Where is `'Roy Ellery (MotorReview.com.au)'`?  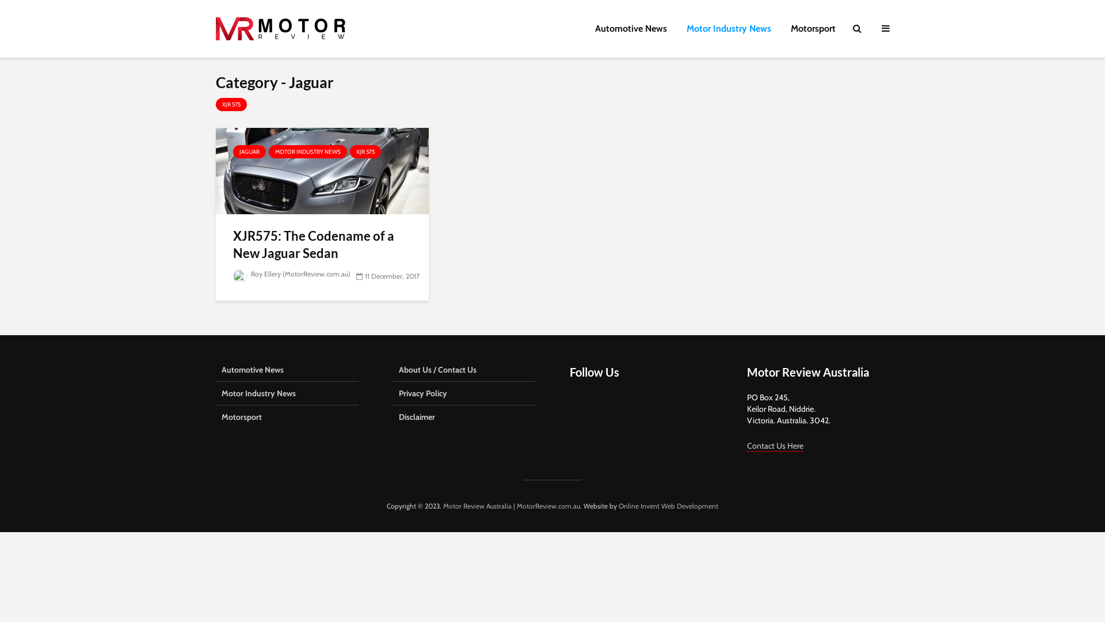 'Roy Ellery (MotorReview.com.au)' is located at coordinates (292, 274).